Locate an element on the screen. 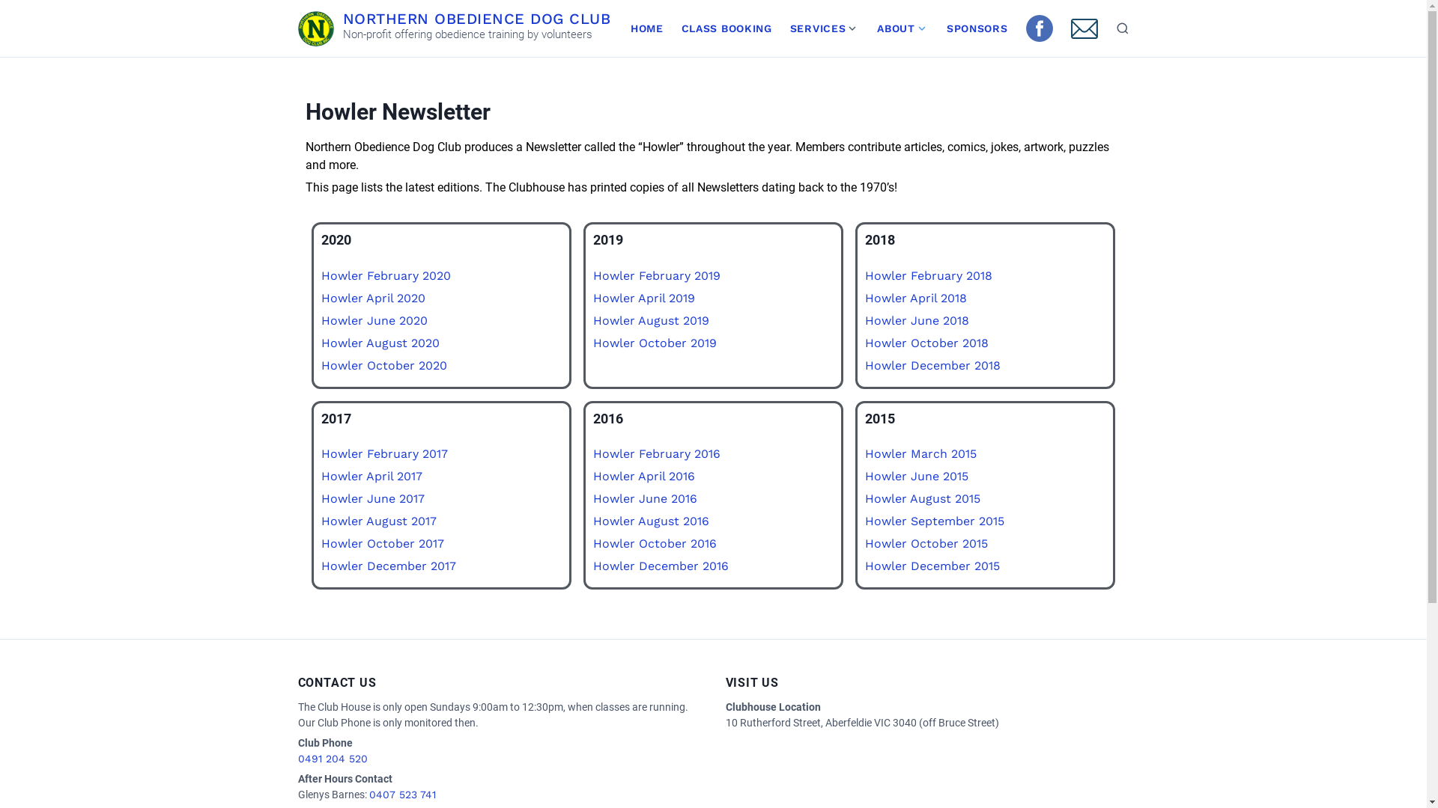  'Howler February 2018' is located at coordinates (927, 275).